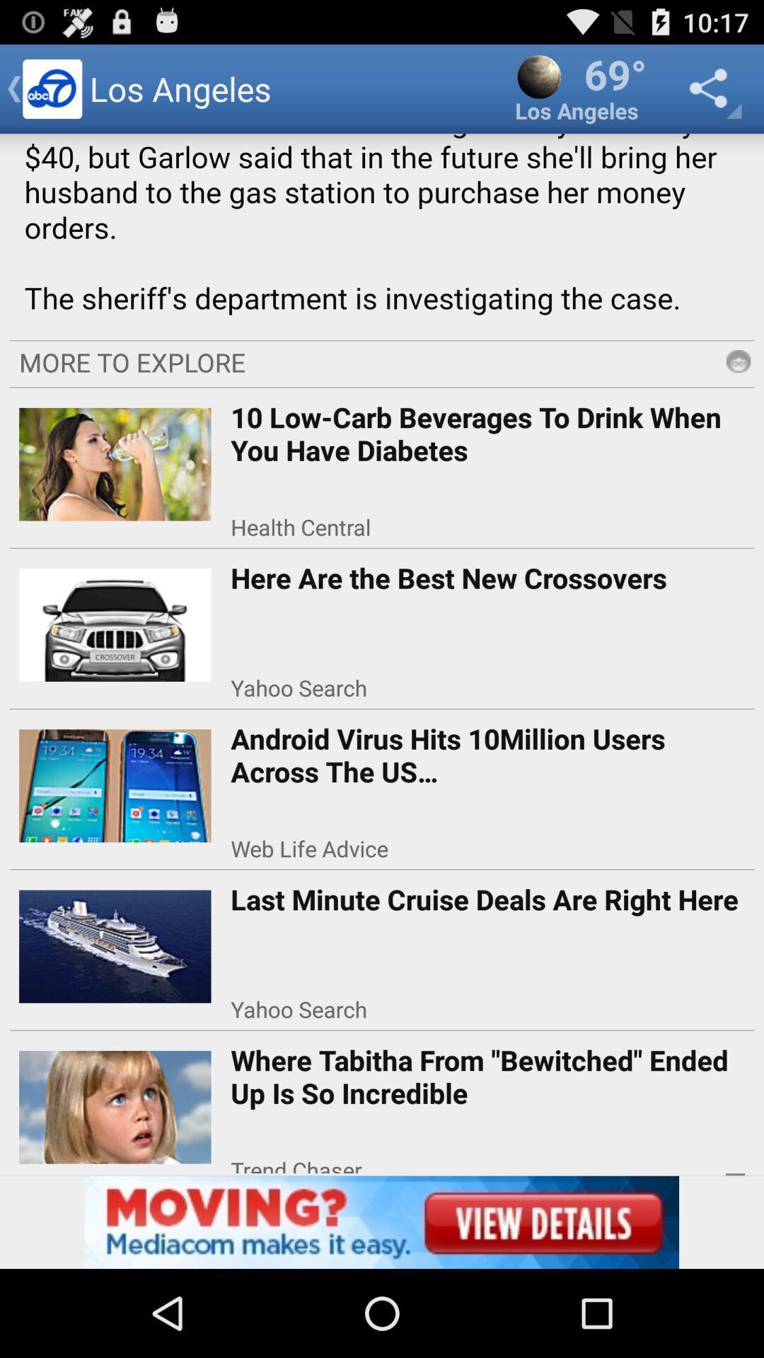 Image resolution: width=764 pixels, height=1358 pixels. I want to click on read the full news story, so click(382, 232).